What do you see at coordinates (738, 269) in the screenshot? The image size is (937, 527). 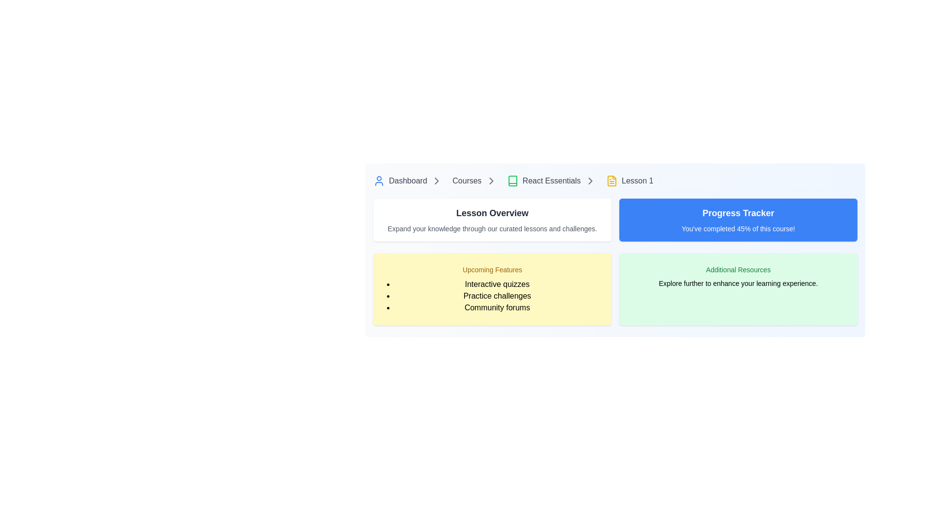 I see `the text heading that serves as a title for the section indicating additional resources, located in the green box under the 'Progress Tracker' card` at bounding box center [738, 269].